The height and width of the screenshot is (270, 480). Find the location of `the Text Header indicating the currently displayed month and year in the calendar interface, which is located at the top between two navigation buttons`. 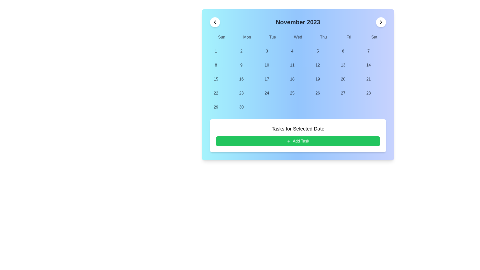

the Text Header indicating the currently displayed month and year in the calendar interface, which is located at the top between two navigation buttons is located at coordinates (298, 22).